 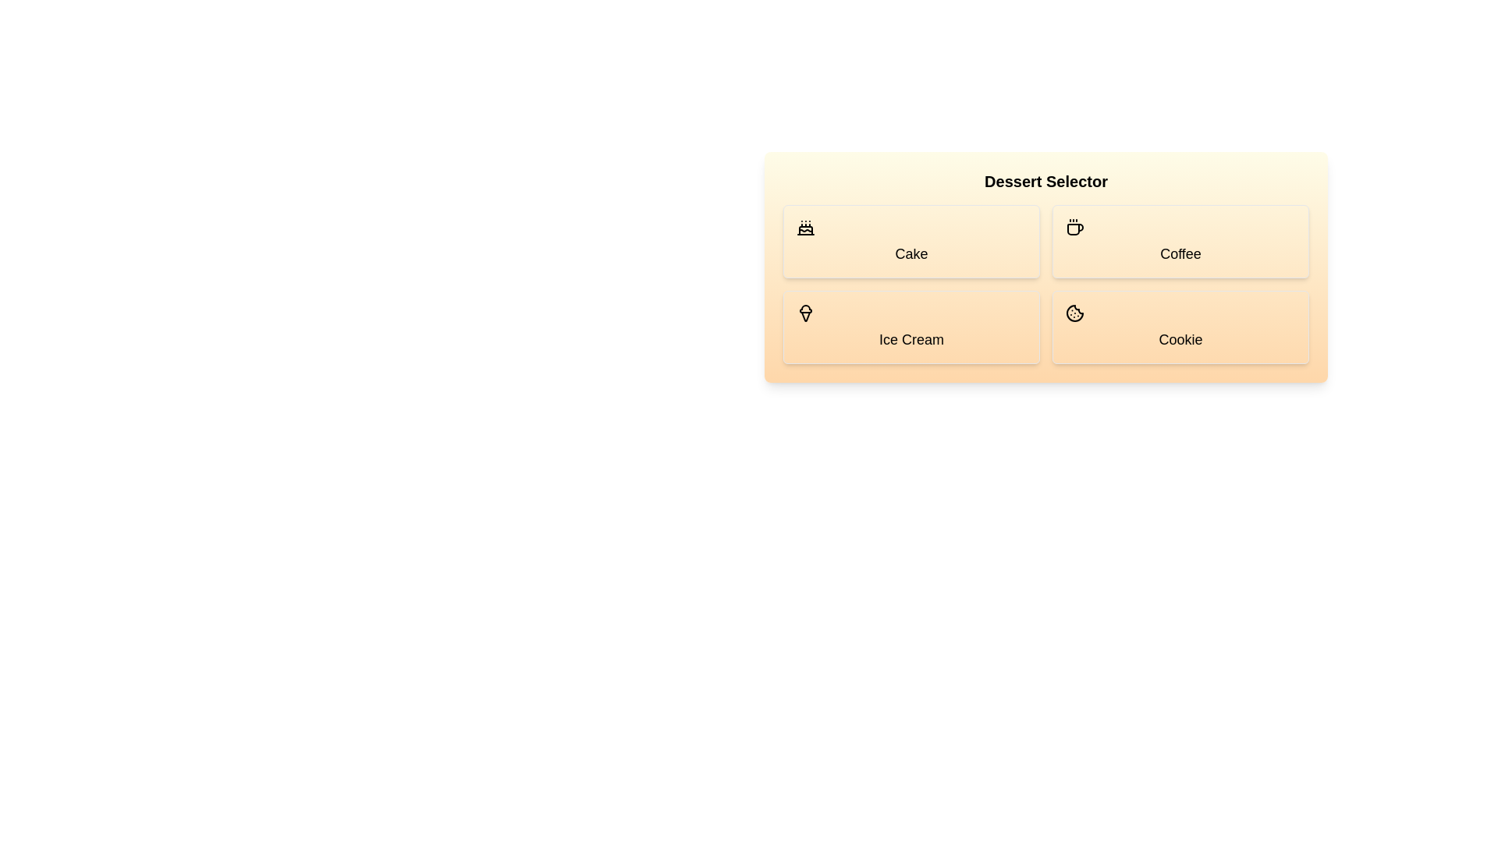 I want to click on the dessert Cookie by clicking its button, so click(x=1180, y=327).